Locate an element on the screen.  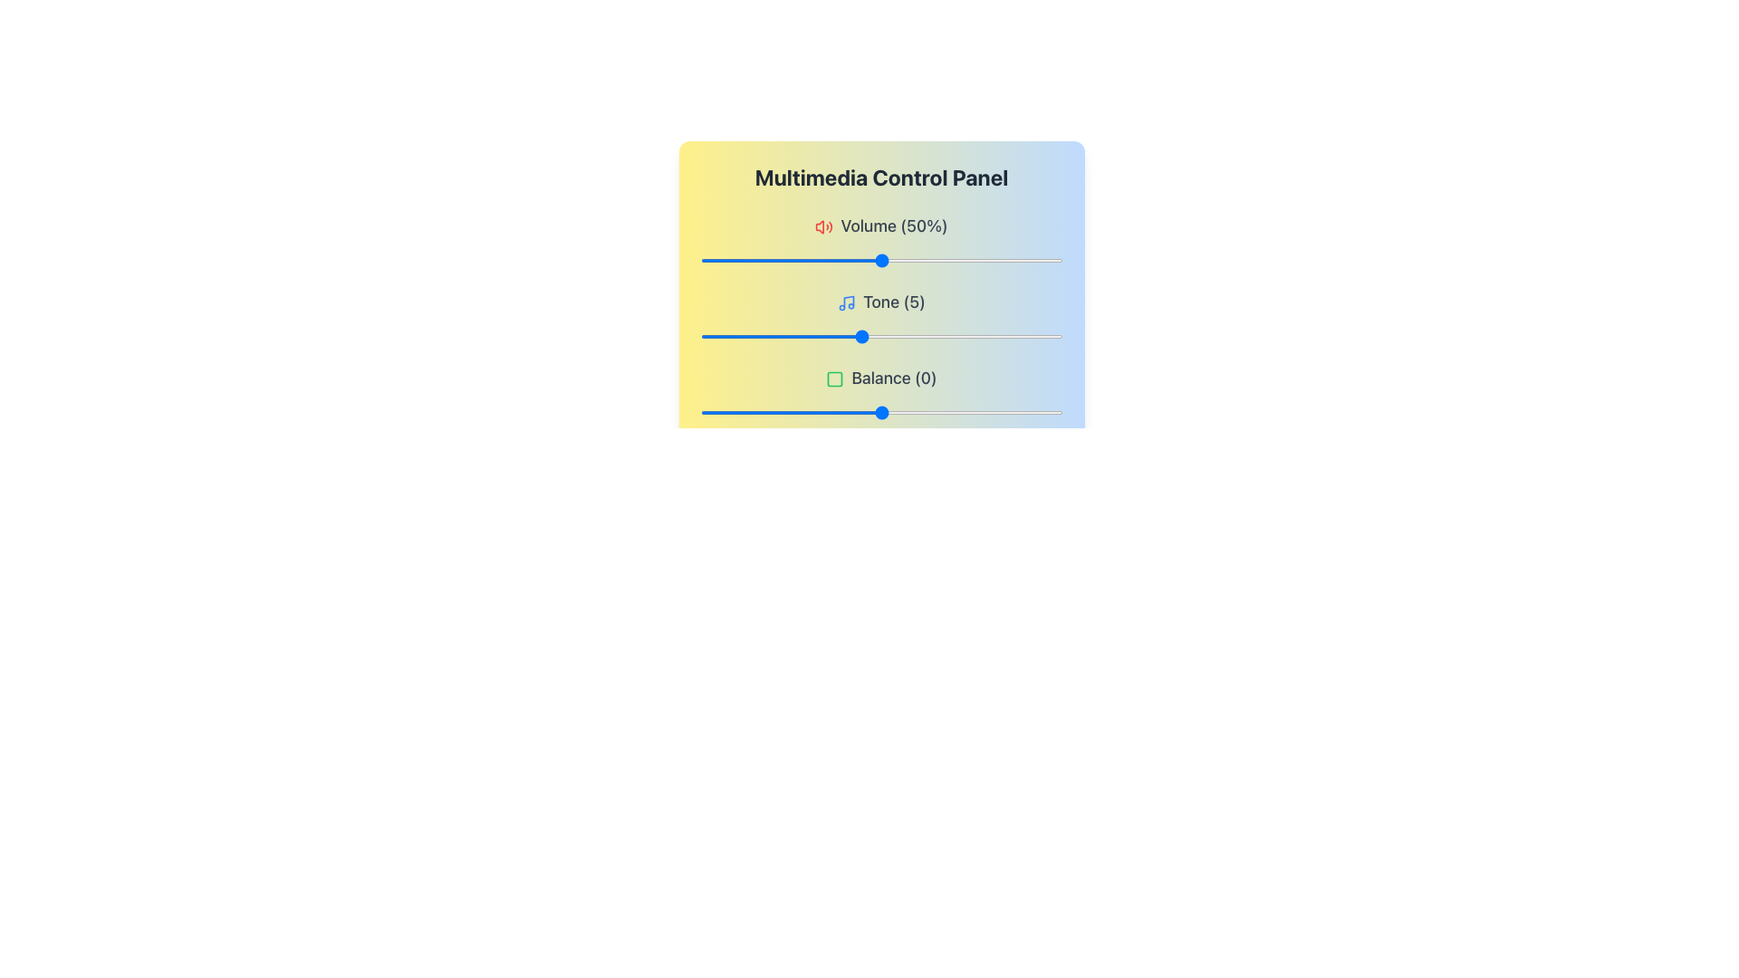
the red-colored speaker icon with sound waves, located to the left of the text 'Volume (50%)' in the multimedia control panel is located at coordinates (823, 226).